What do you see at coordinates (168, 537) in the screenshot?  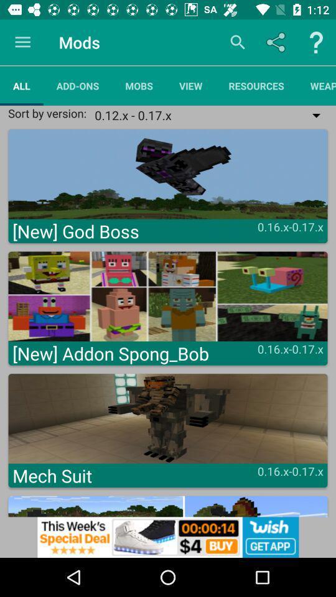 I see `advertisement` at bounding box center [168, 537].